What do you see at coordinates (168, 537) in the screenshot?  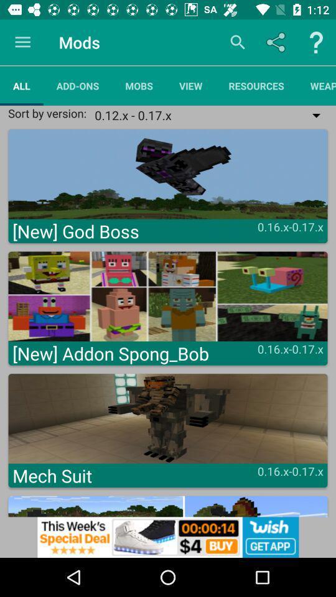 I see `advertisement` at bounding box center [168, 537].